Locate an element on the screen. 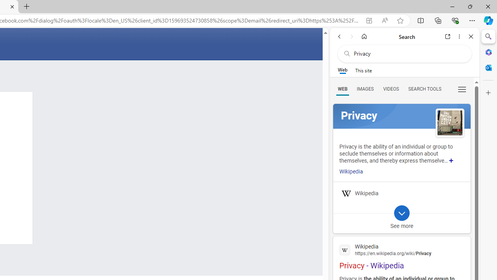 The width and height of the screenshot is (497, 280). 'Customize' is located at coordinates (488, 93).